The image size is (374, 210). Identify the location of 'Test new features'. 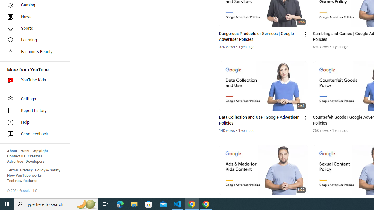
(22, 181).